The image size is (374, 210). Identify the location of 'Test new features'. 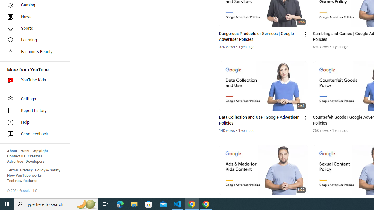
(22, 181).